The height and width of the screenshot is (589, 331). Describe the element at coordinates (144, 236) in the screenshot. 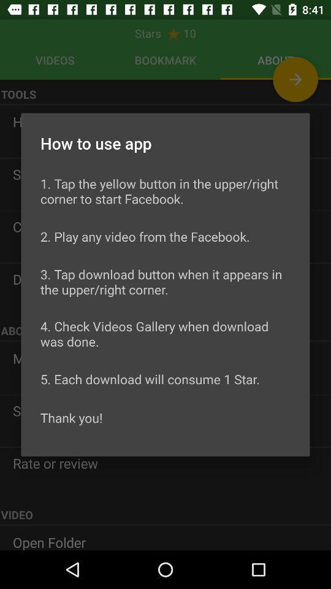

I see `item above 3 tap download item` at that location.